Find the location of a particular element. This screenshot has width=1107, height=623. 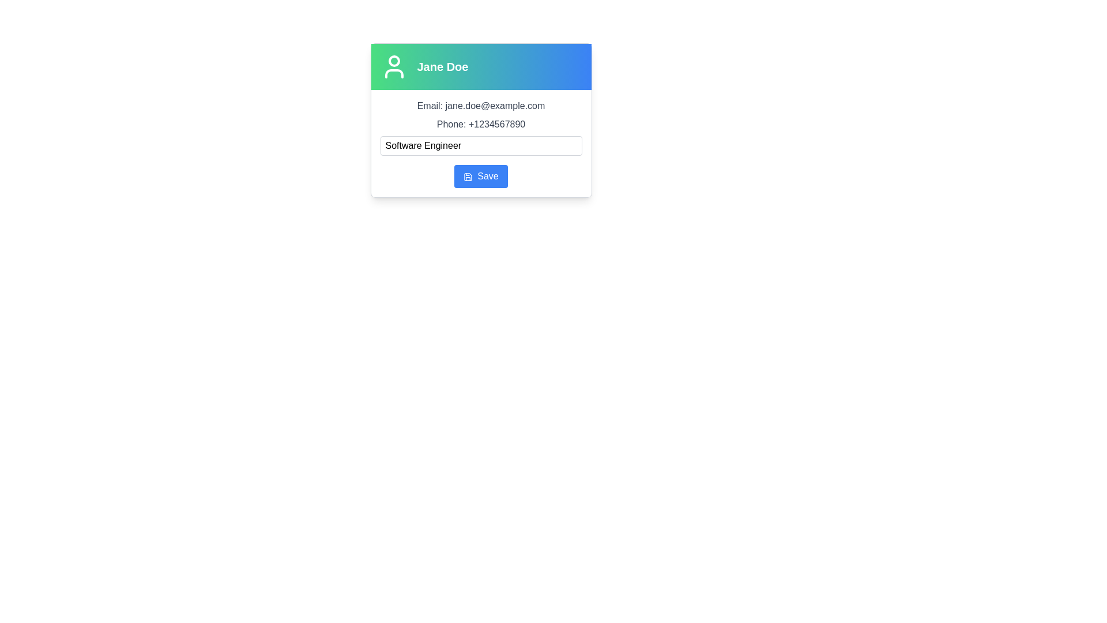

the outer border of the save icon, which is a hollow rectangular outline with rounded corners is located at coordinates (468, 177).